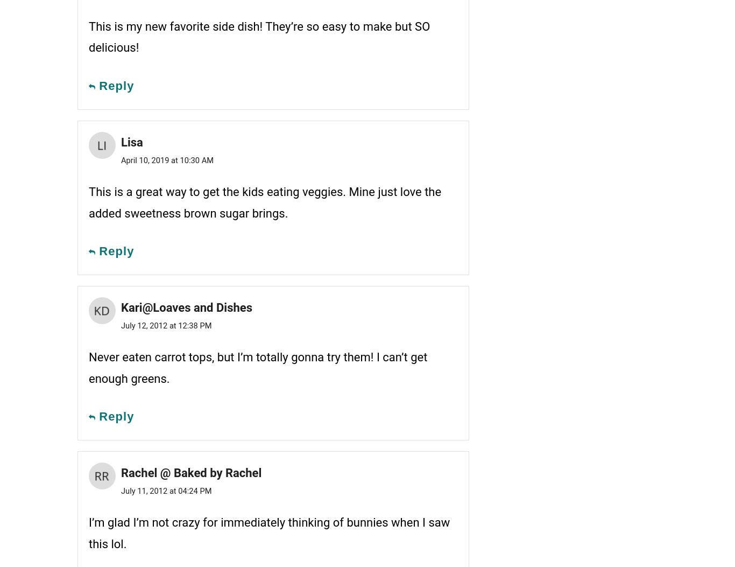 This screenshot has width=735, height=567. Describe the element at coordinates (167, 160) in the screenshot. I see `'April 10, 2019 at 10:30 AM'` at that location.